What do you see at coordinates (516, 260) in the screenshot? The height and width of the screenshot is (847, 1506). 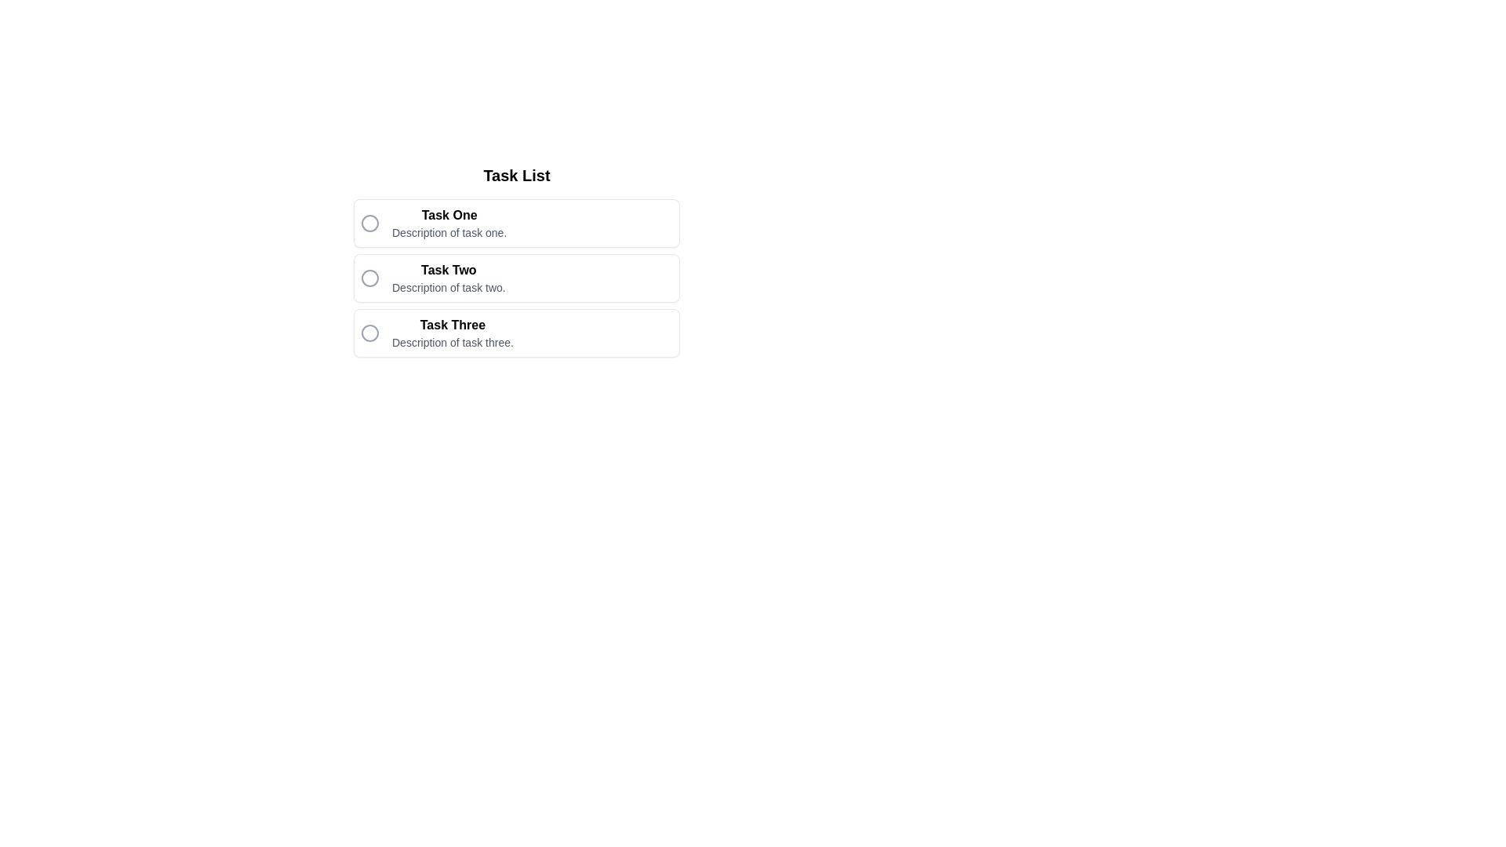 I see `the second list item in the 'Task List'` at bounding box center [516, 260].